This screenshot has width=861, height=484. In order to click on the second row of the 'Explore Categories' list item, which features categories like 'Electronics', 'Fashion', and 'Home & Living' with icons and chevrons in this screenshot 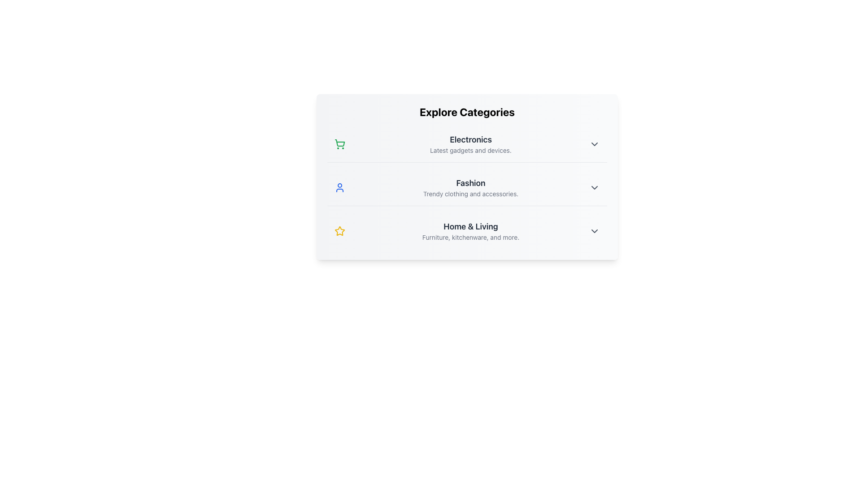, I will do `click(466, 177)`.